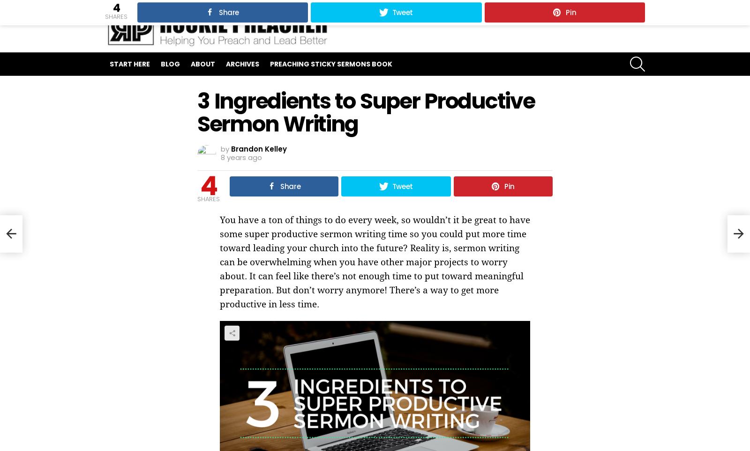 The image size is (750, 451). What do you see at coordinates (230, 149) in the screenshot?
I see `'Brandon Kelley'` at bounding box center [230, 149].